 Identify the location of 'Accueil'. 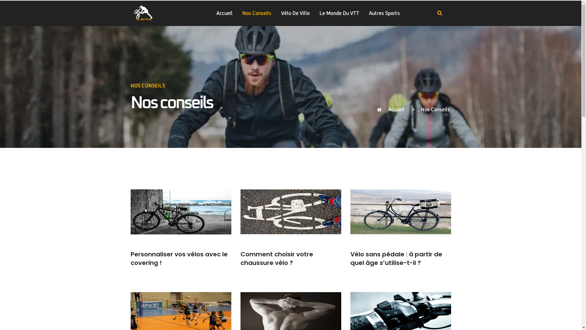
(224, 13).